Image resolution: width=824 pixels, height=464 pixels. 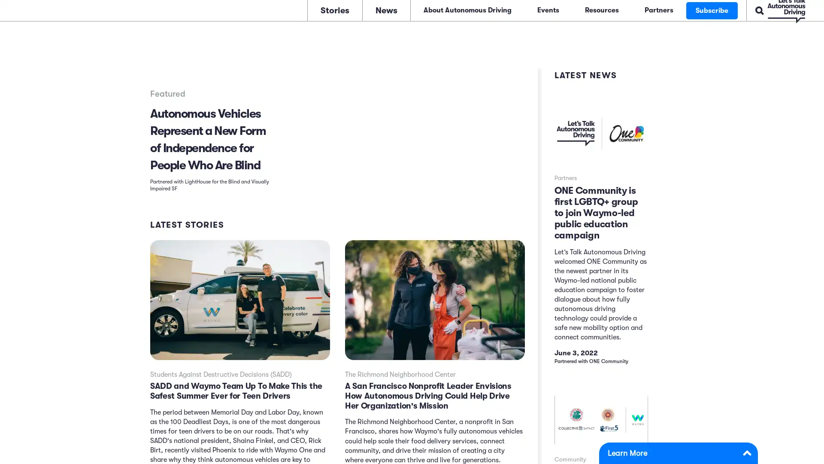 I want to click on Search, so click(x=731, y=9).